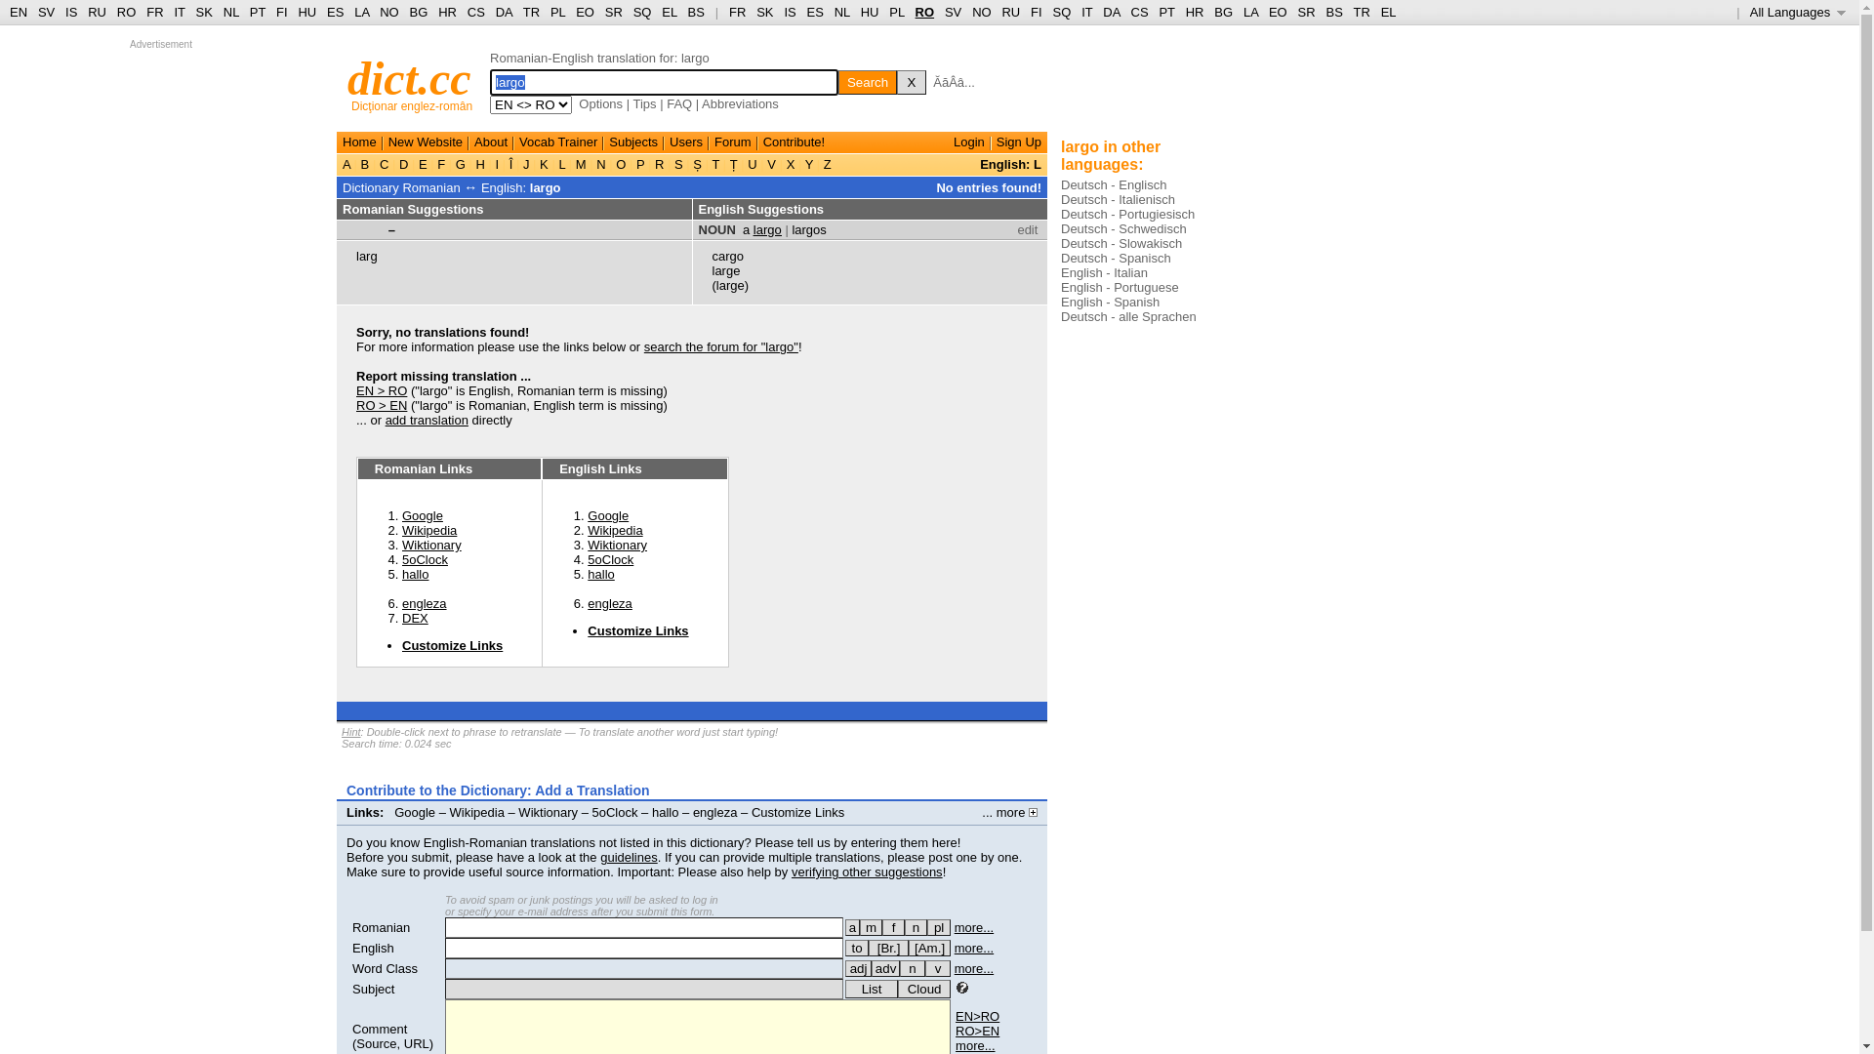  Describe the element at coordinates (711, 270) in the screenshot. I see `'large'` at that location.